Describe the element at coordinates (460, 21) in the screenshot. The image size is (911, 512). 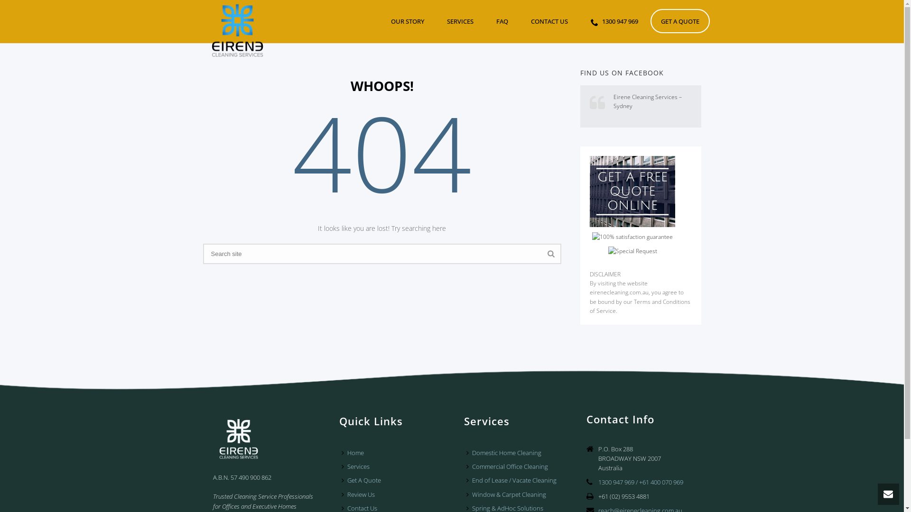
I see `'SERVICES'` at that location.